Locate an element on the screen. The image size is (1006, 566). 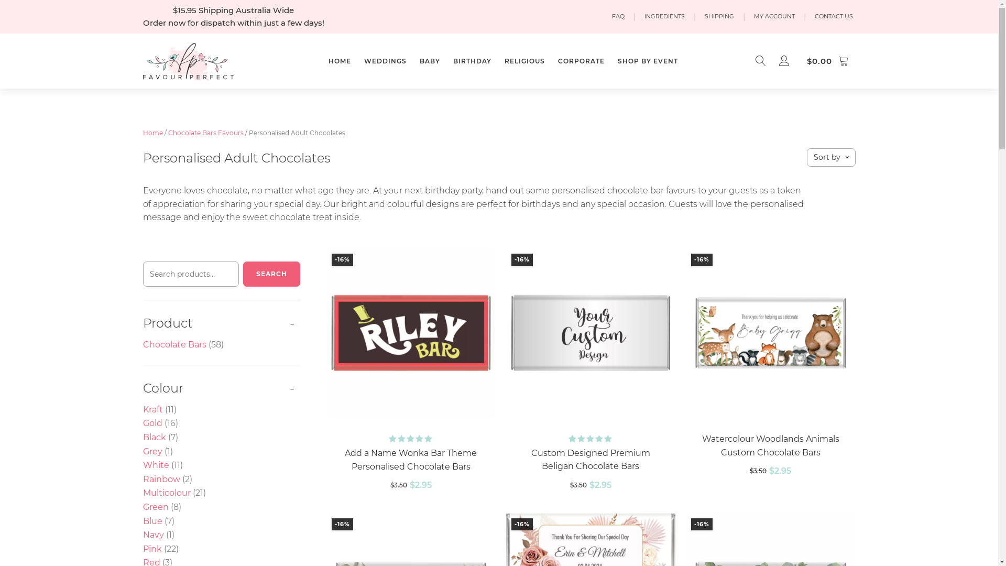
'Blue' is located at coordinates (151, 521).